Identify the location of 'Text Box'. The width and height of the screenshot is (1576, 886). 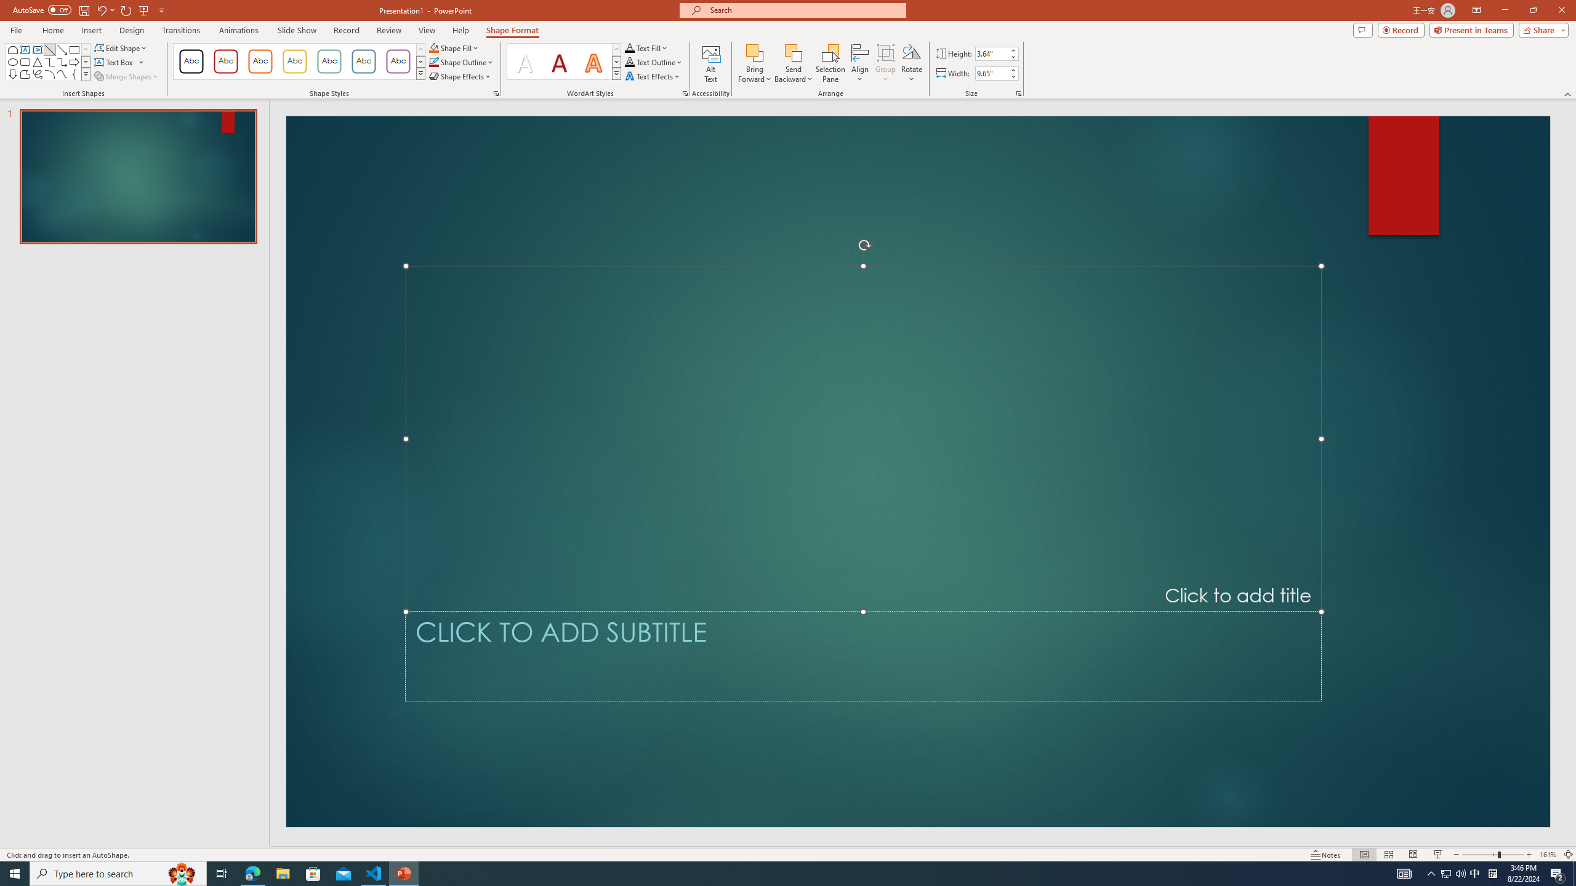
(119, 61).